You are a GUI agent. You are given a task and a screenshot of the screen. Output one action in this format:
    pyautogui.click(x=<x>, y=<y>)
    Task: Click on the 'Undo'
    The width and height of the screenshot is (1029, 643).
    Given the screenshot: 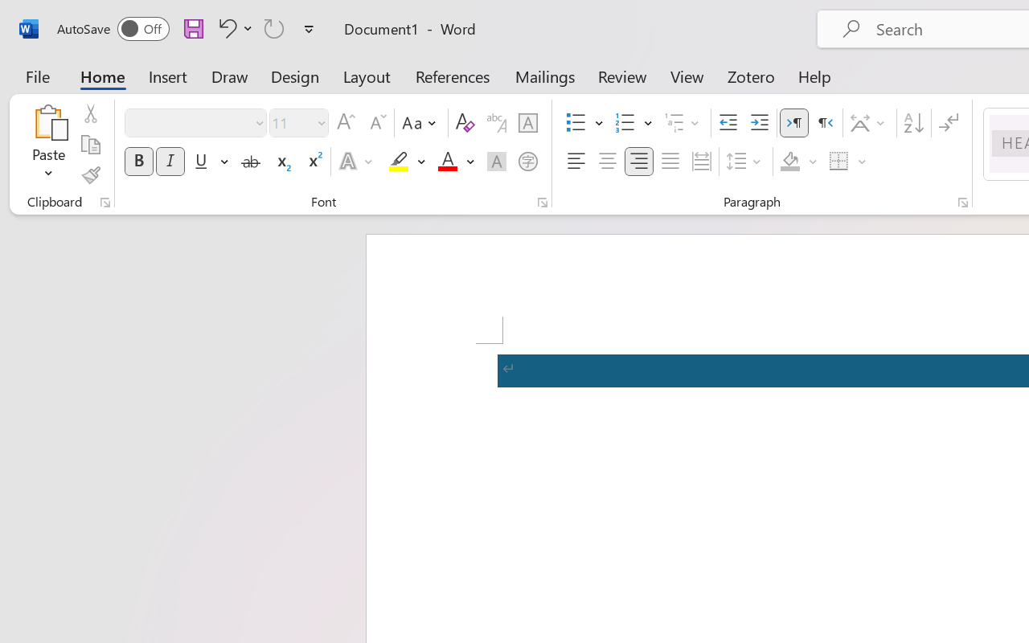 What is the action you would take?
    pyautogui.click(x=224, y=27)
    